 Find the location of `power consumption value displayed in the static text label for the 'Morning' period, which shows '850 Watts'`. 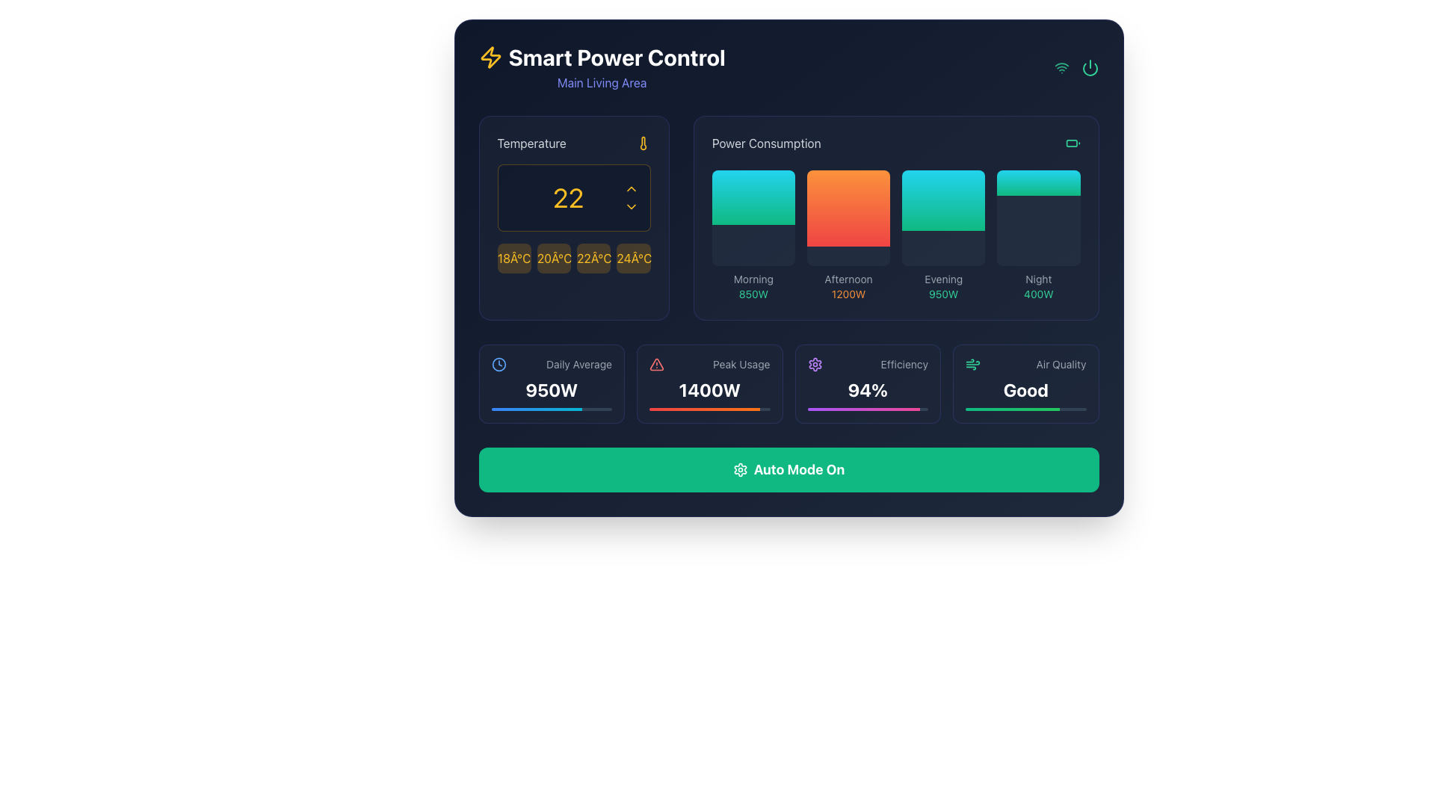

power consumption value displayed in the static text label for the 'Morning' period, which shows '850 Watts' is located at coordinates (753, 294).